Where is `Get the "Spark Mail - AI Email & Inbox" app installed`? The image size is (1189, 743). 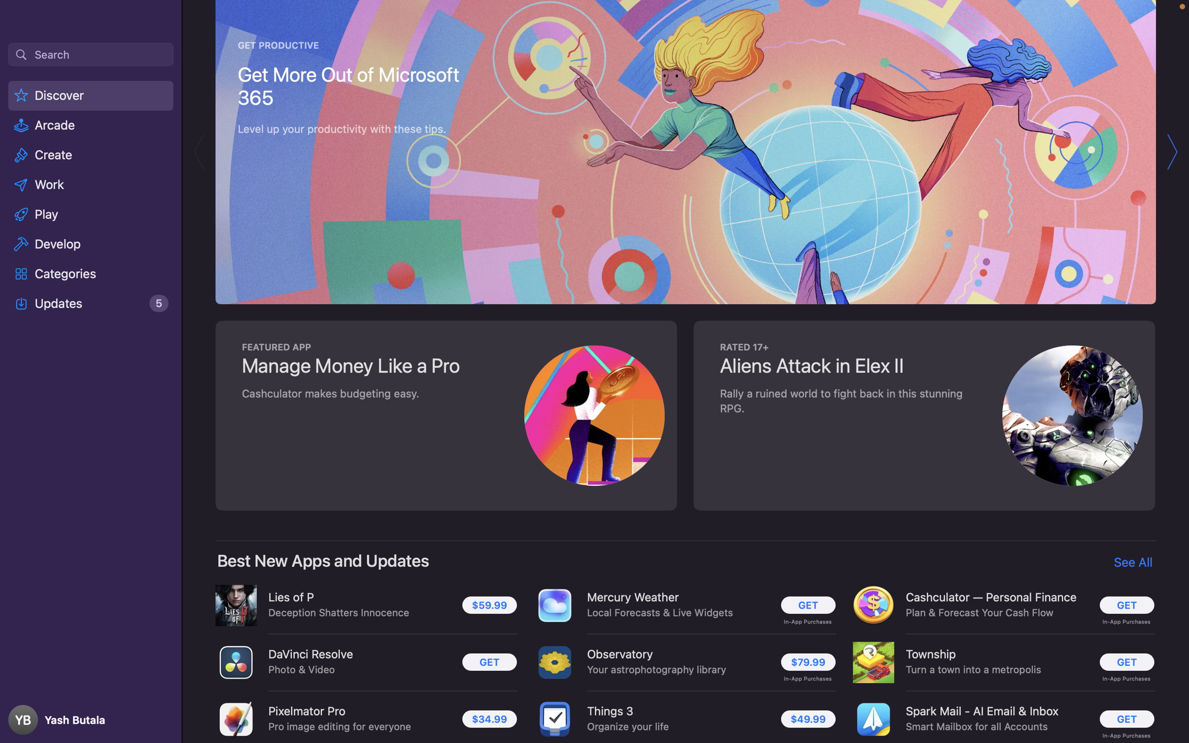
Get the "Spark Mail - AI Email & Inbox" app installed is located at coordinates (1124, 720).